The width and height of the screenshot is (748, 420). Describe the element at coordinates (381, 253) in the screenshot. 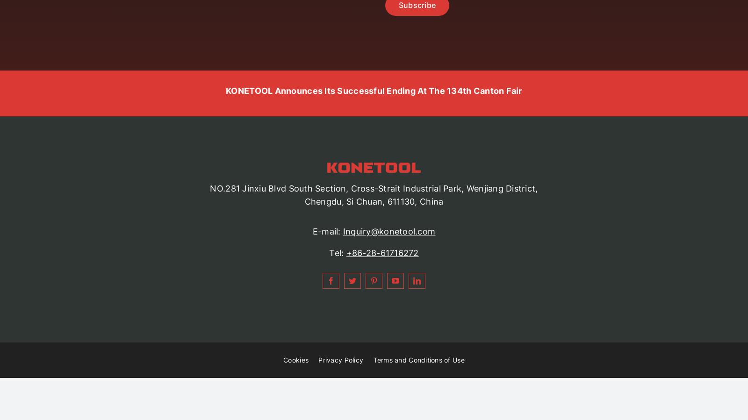

I see `'+86-28-61716272'` at that location.